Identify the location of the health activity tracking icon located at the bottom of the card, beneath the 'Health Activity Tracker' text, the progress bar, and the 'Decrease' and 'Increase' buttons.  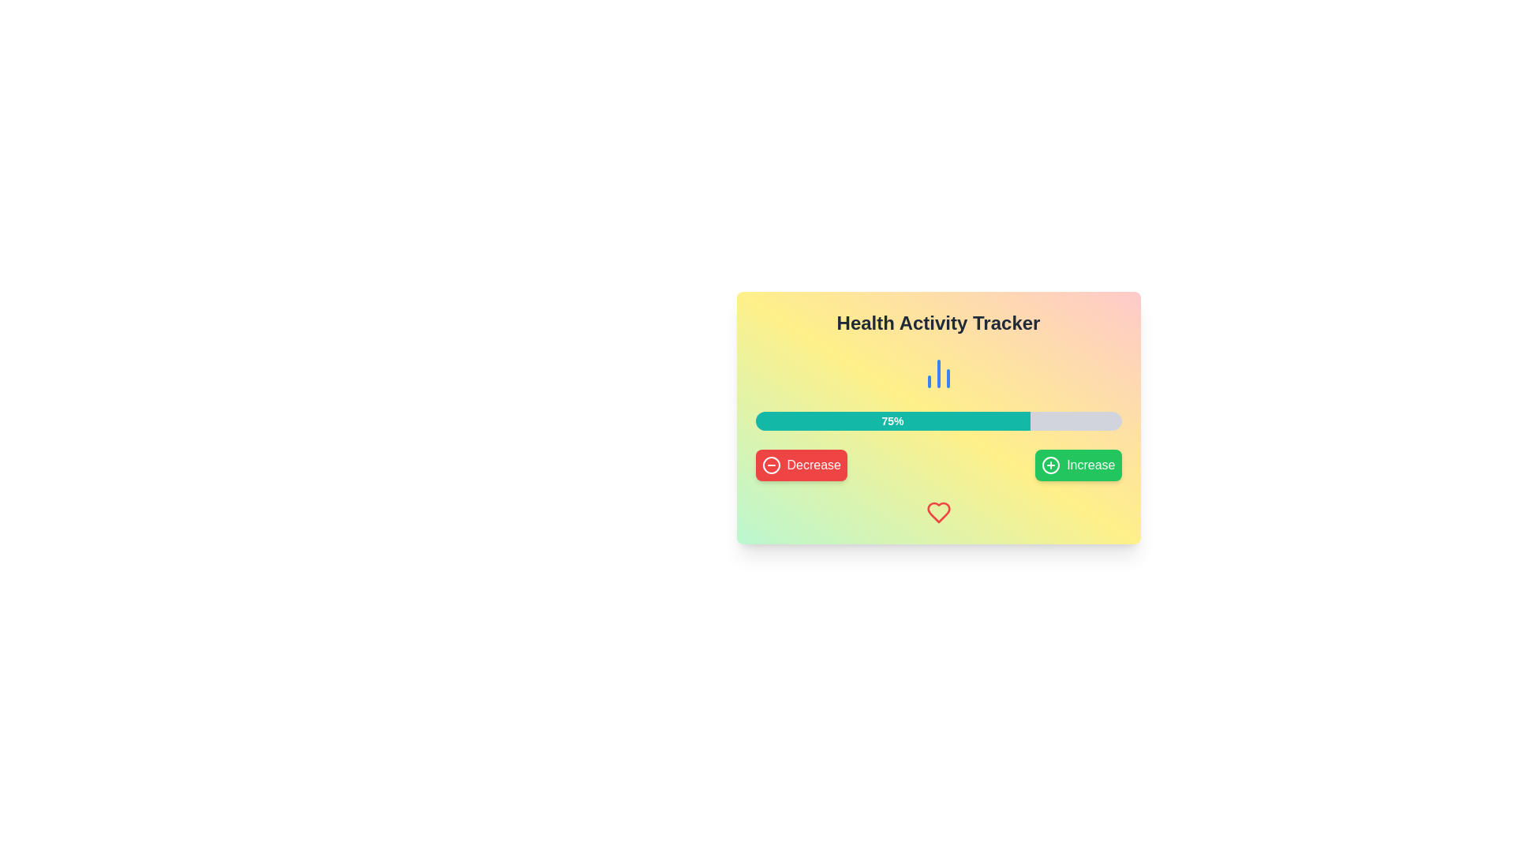
(938, 513).